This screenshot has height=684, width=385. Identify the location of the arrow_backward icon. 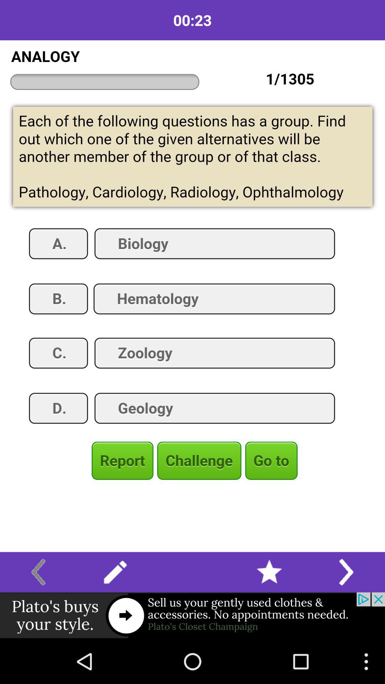
(38, 612).